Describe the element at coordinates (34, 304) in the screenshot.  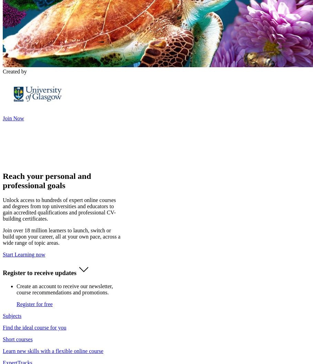
I see `'Register for free'` at that location.